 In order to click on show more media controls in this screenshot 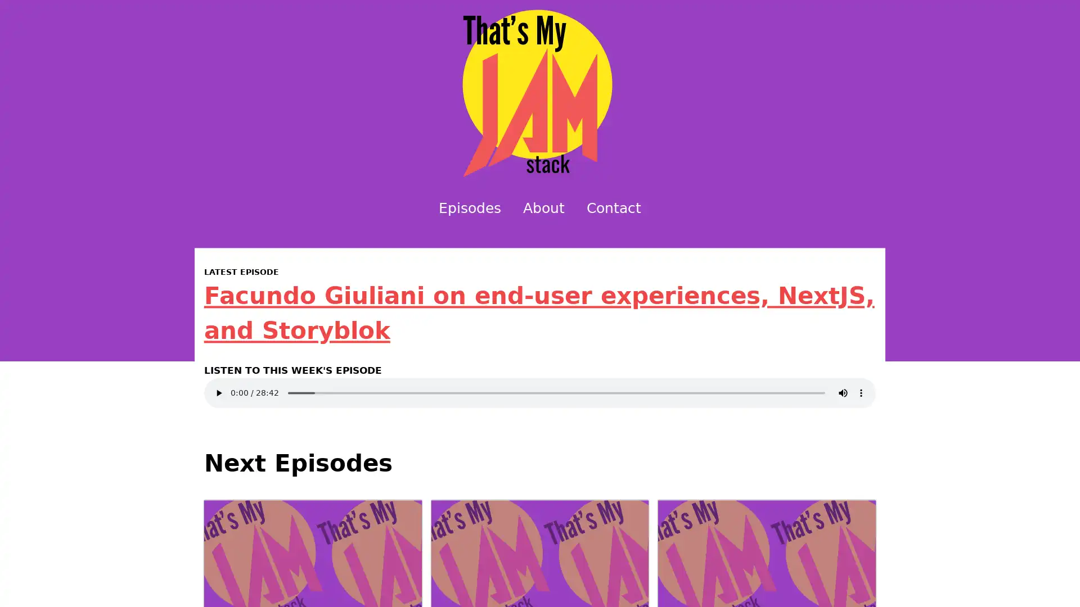, I will do `click(861, 392)`.